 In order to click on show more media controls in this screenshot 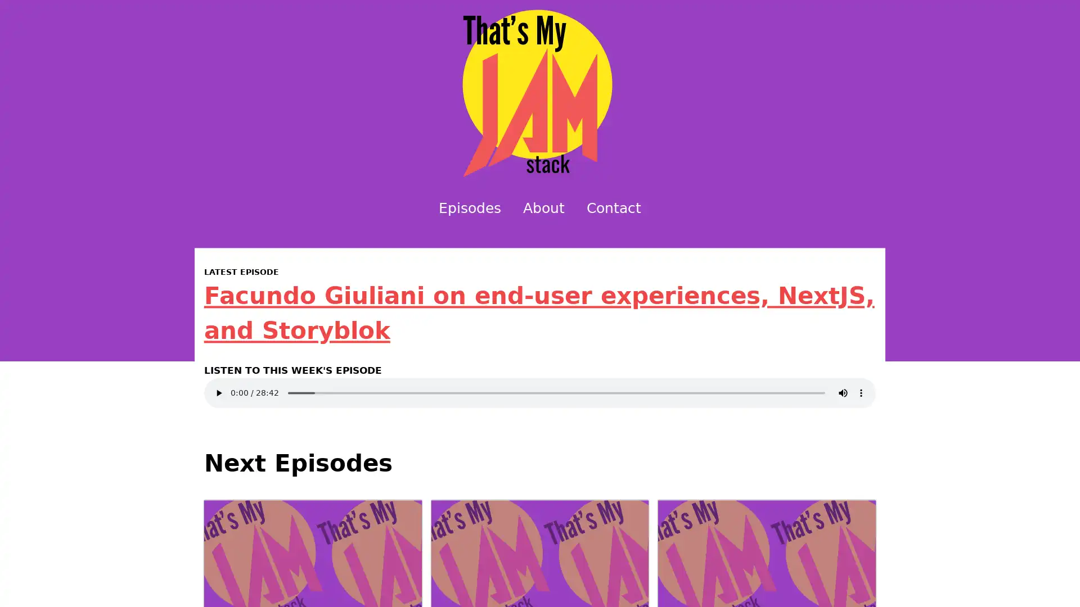, I will do `click(861, 392)`.